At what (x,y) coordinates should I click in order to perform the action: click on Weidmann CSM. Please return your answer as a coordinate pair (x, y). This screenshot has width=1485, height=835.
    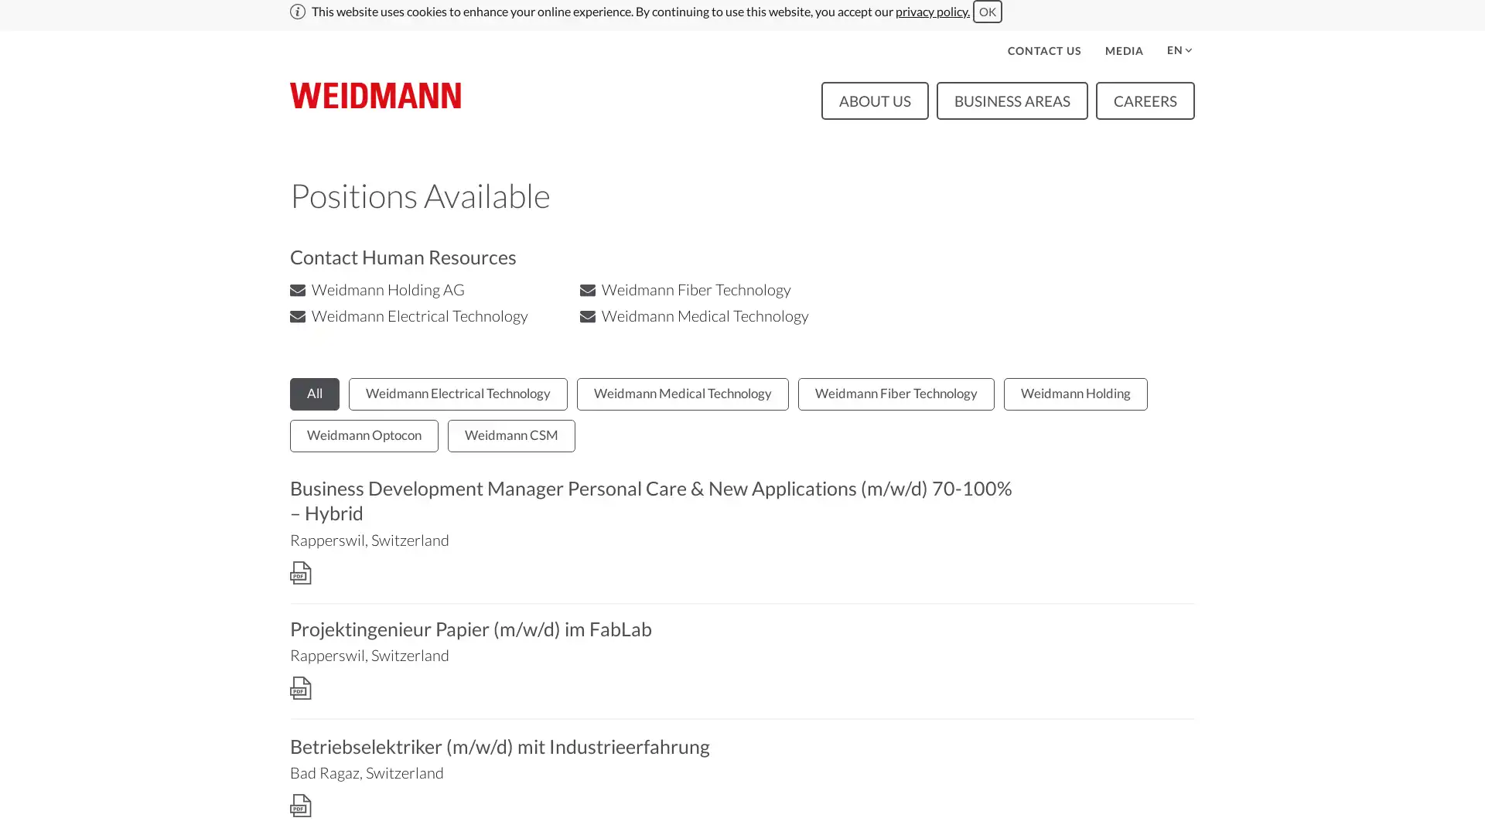
    Looking at the image, I should click on (511, 404).